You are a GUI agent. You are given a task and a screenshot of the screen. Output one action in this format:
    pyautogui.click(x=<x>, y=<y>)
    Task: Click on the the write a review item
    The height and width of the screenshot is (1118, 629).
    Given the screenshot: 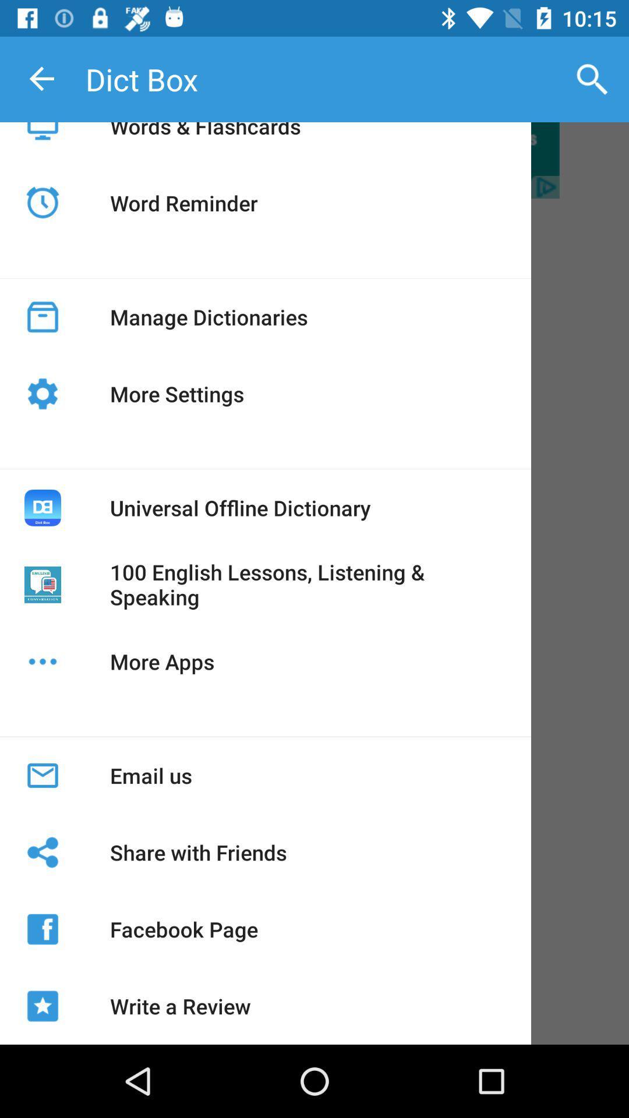 What is the action you would take?
    pyautogui.click(x=180, y=1006)
    